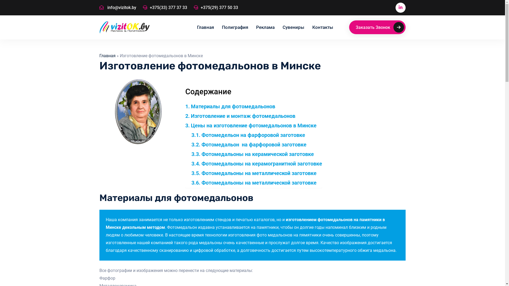 The width and height of the screenshot is (509, 286). I want to click on 'info@vizitok.by', so click(117, 8).